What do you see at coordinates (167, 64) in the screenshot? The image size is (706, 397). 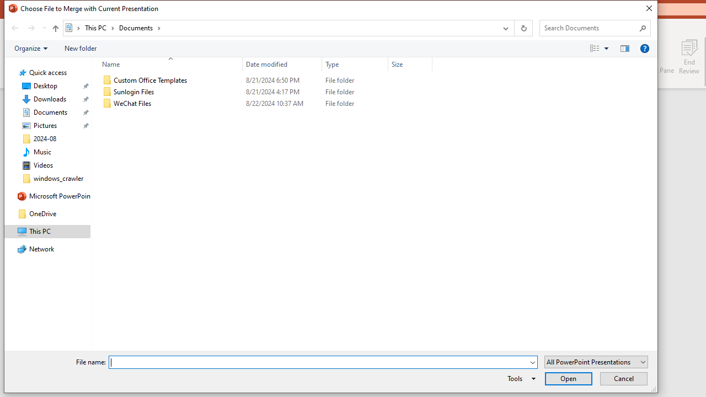 I see `'Name'` at bounding box center [167, 64].